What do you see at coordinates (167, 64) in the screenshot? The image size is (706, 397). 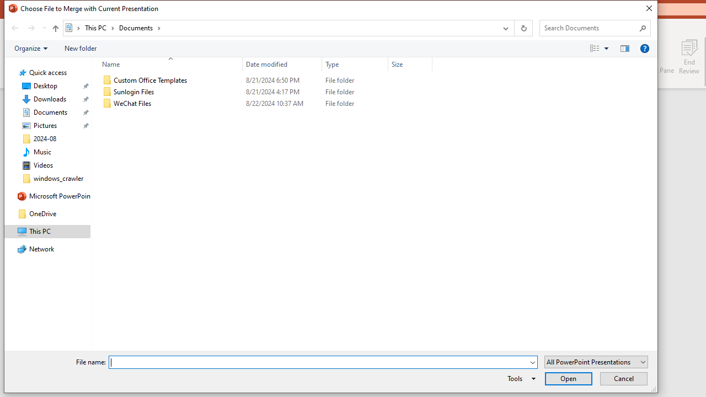 I see `'Name'` at bounding box center [167, 64].